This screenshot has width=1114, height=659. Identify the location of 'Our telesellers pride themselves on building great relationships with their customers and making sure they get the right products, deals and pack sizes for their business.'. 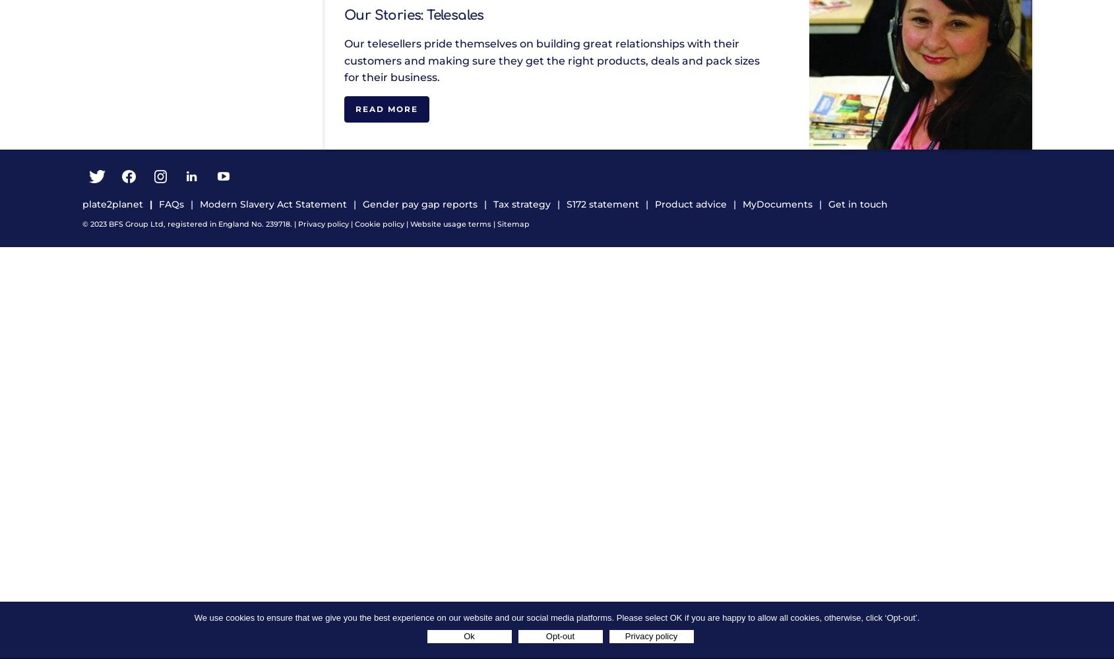
(551, 60).